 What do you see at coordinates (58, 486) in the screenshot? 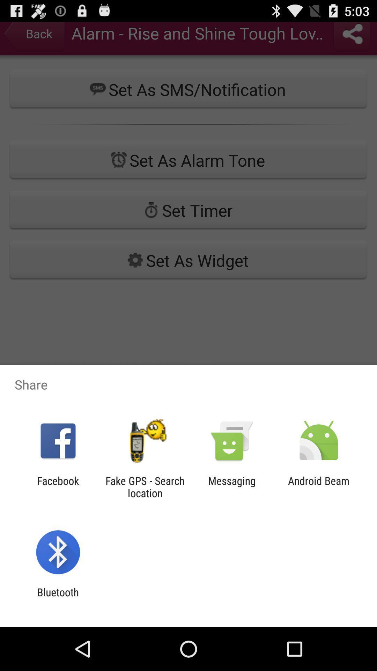
I see `the facebook app` at bounding box center [58, 486].